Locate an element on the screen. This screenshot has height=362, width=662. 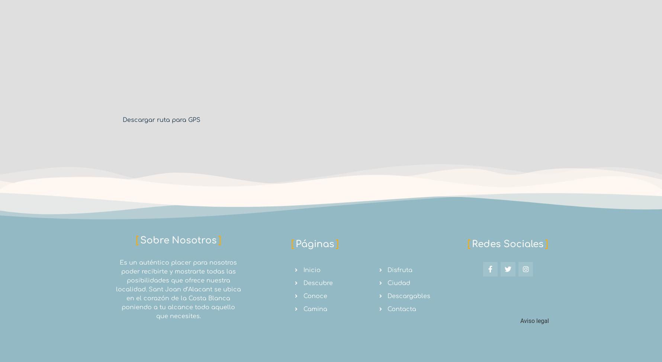
'Contacta' is located at coordinates (402, 309).